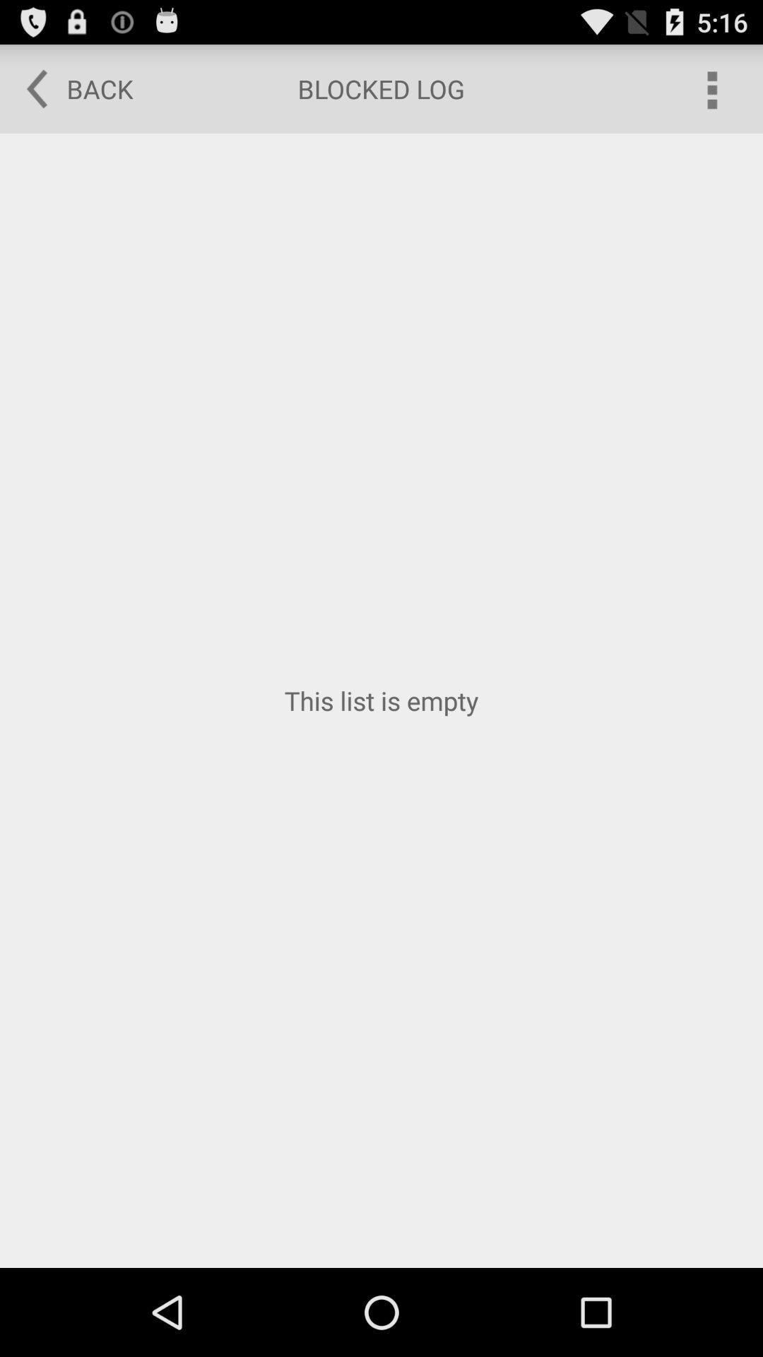  I want to click on the item at the top left corner, so click(70, 88).